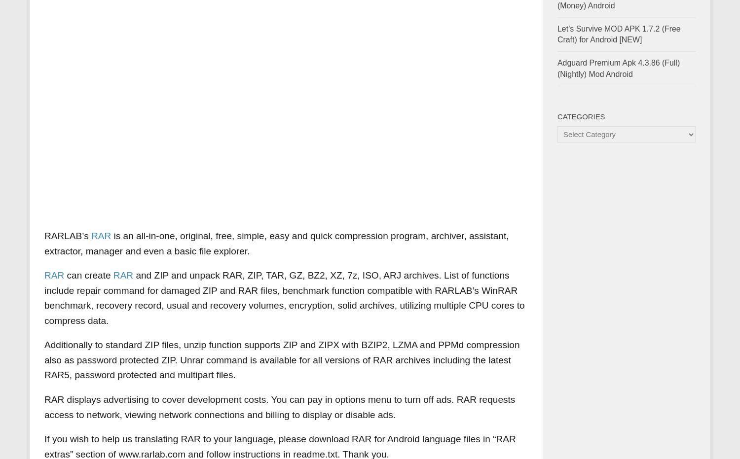  I want to click on 'Let’s Survive MOD APK 1.7.2 (Free Craft) for Android [NEW]', so click(619, 34).